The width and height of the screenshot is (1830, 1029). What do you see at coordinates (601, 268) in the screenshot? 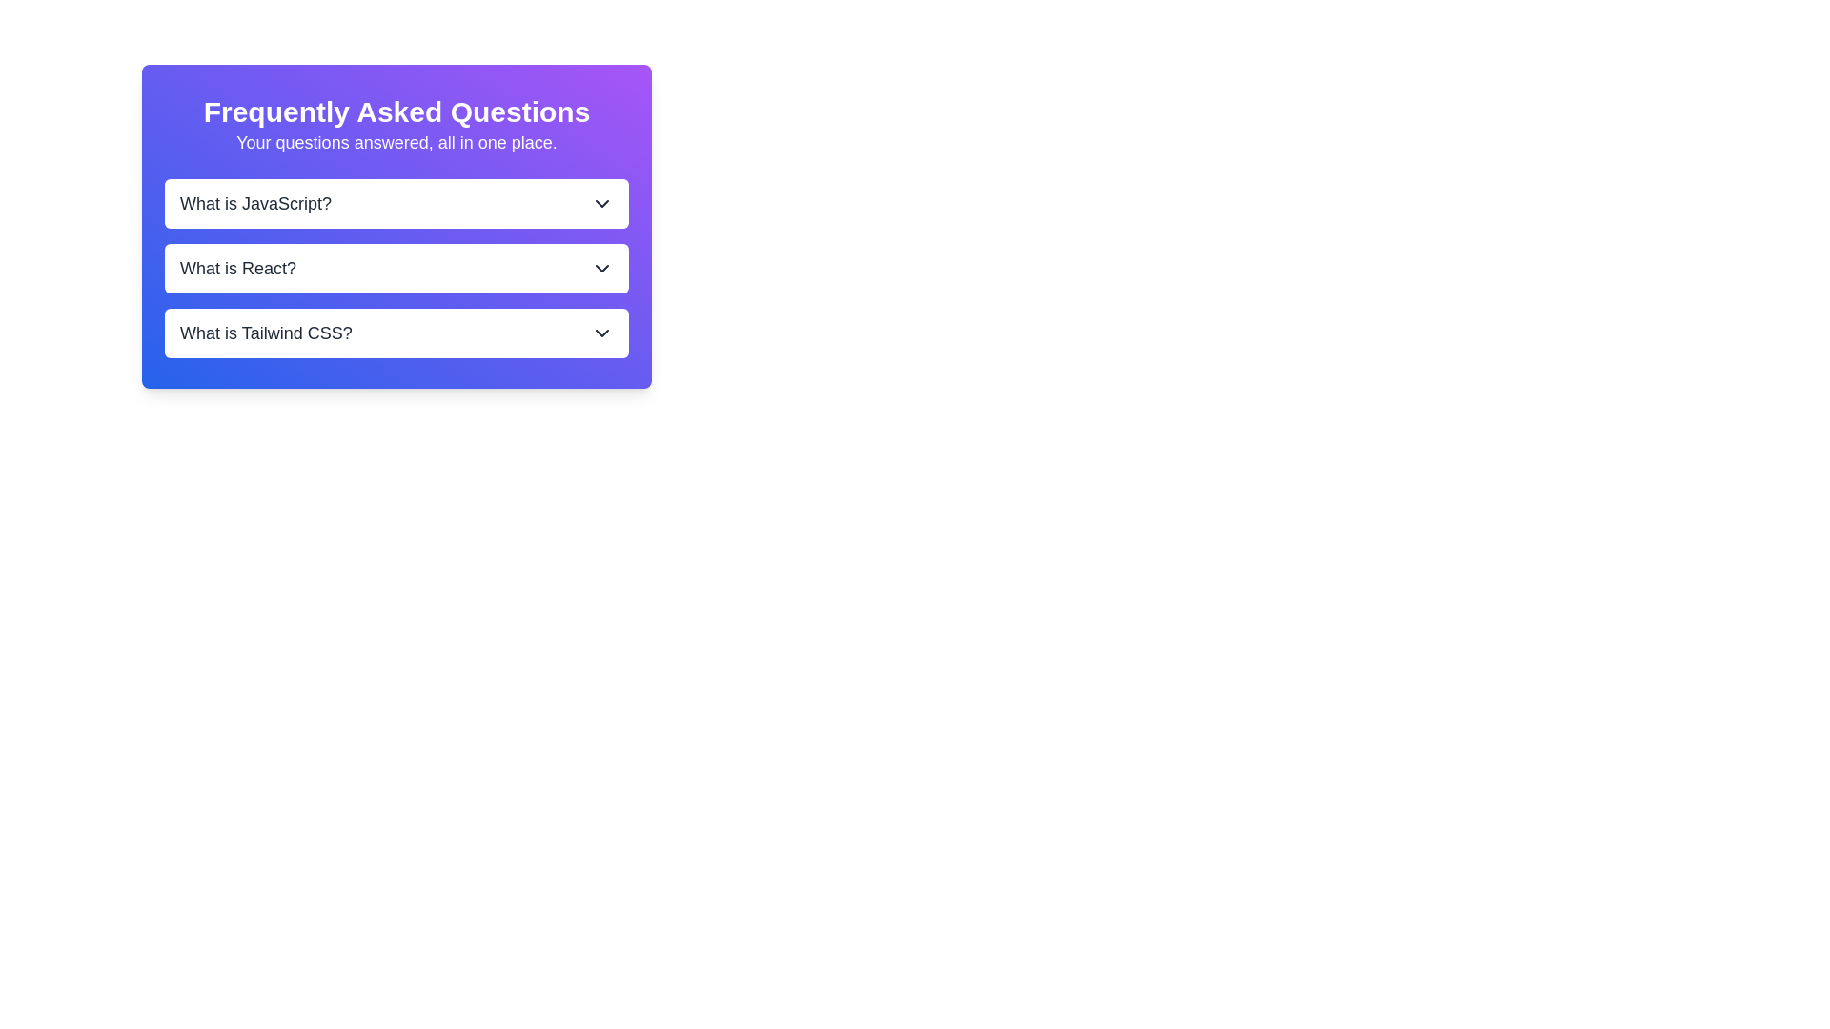
I see `the small downward-pointing chevron icon` at bounding box center [601, 268].